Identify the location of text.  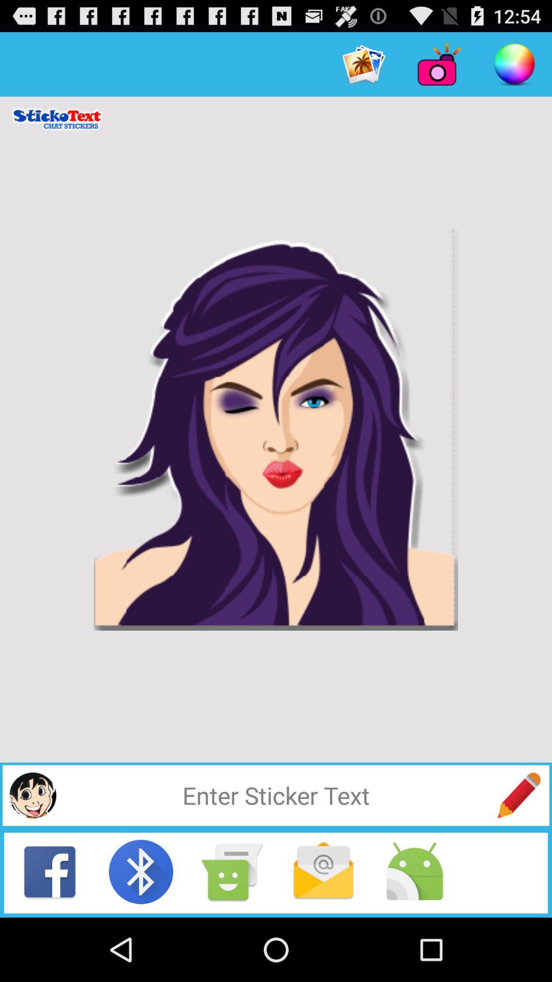
(276, 795).